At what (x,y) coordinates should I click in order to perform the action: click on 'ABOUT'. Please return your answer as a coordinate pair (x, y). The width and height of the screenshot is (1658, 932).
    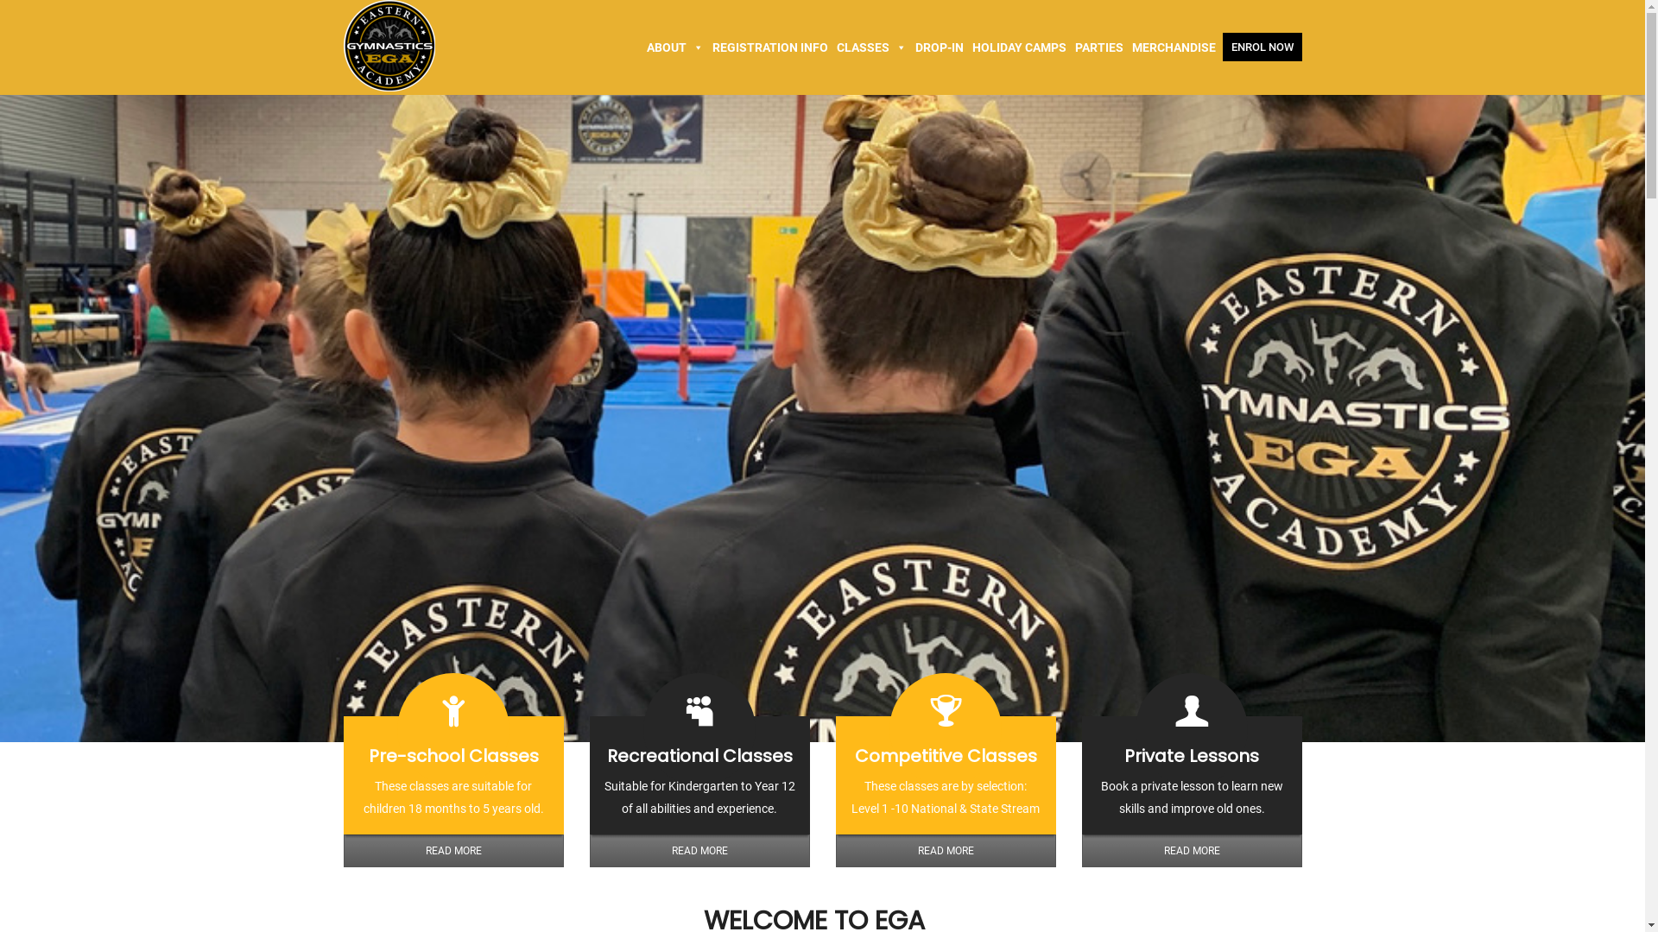
    Looking at the image, I should click on (674, 46).